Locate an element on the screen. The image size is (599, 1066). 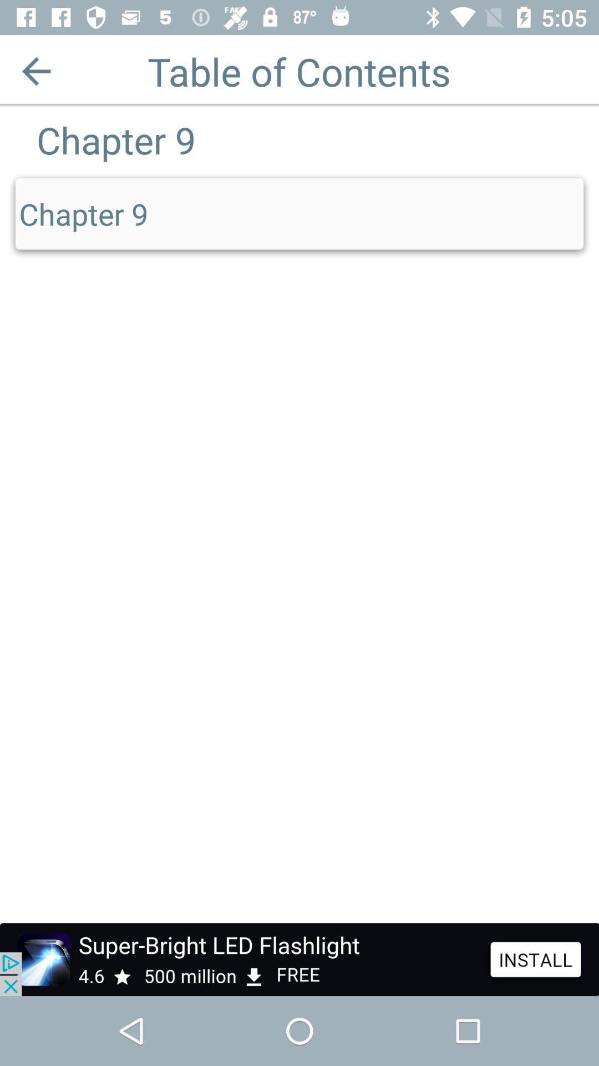
page is located at coordinates (35, 71).